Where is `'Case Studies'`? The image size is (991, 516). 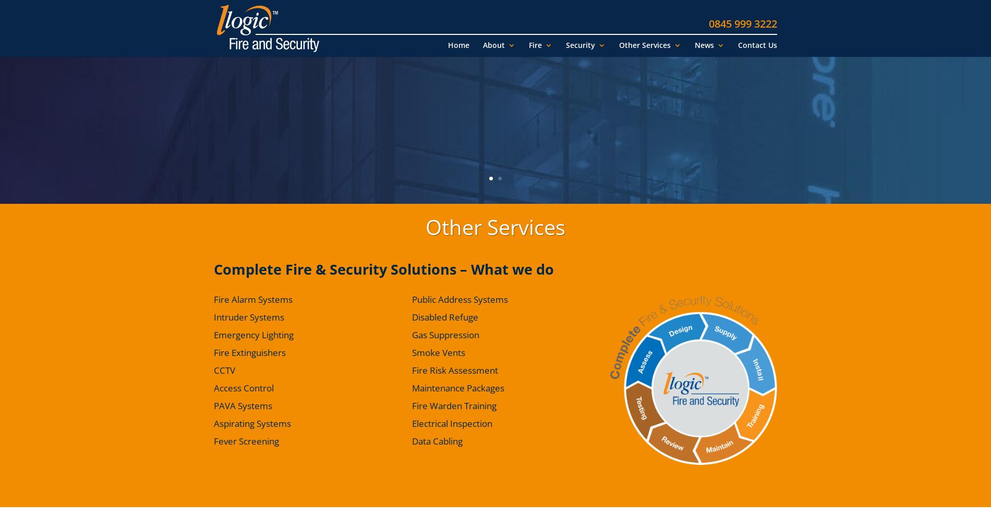
'Case Studies' is located at coordinates (516, 104).